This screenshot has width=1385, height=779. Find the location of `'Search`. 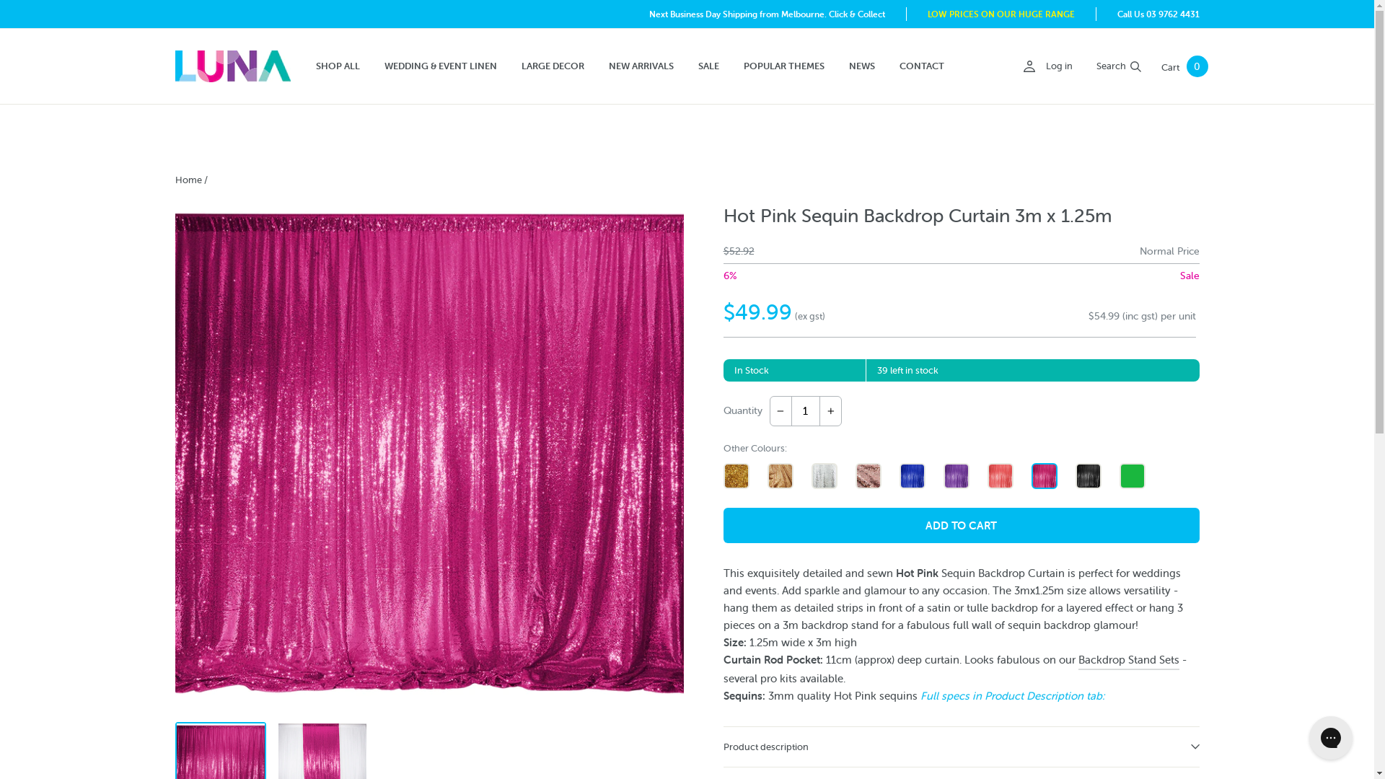

'Search is located at coordinates (1087, 66).